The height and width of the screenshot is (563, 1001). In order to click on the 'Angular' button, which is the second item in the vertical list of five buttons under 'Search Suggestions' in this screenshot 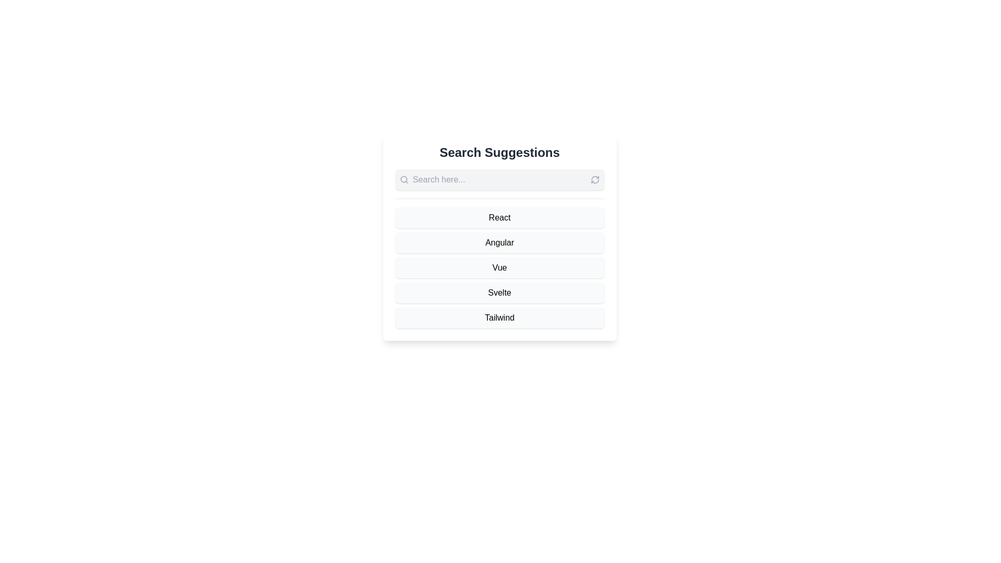, I will do `click(499, 243)`.